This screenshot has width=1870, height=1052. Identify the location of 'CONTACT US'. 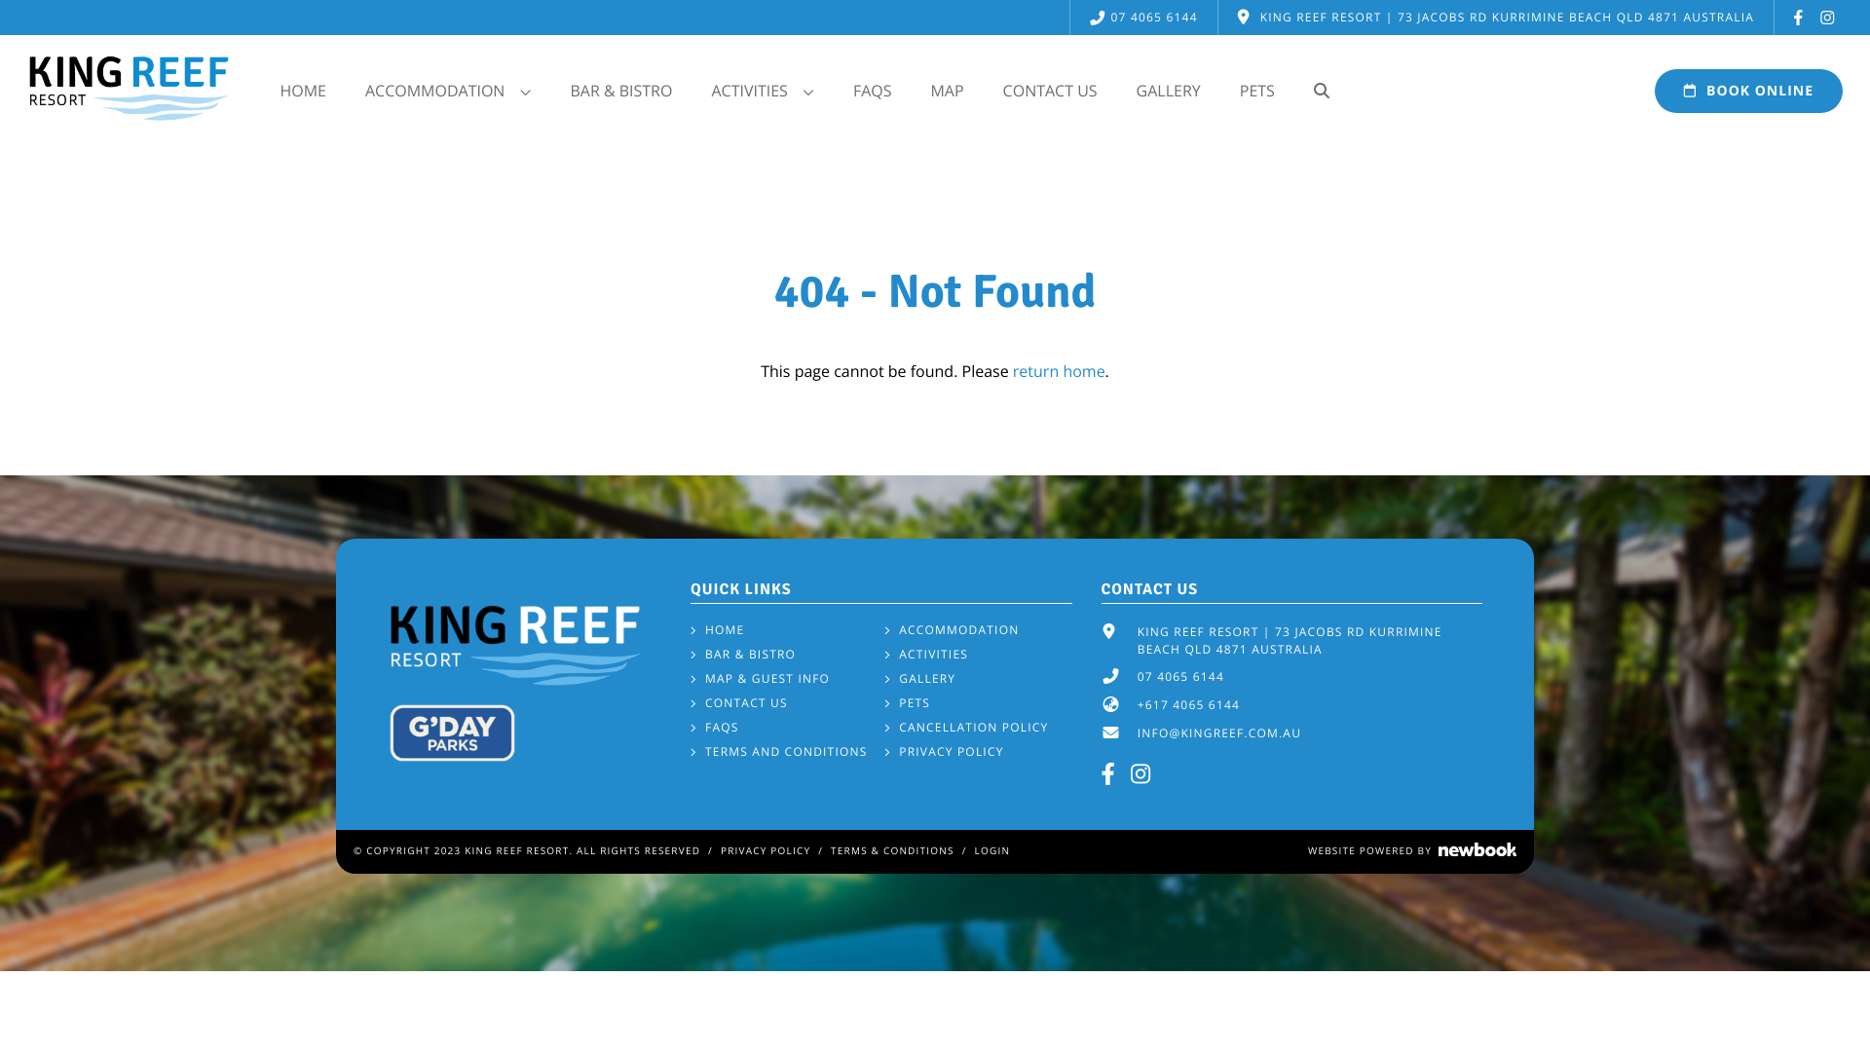
(737, 702).